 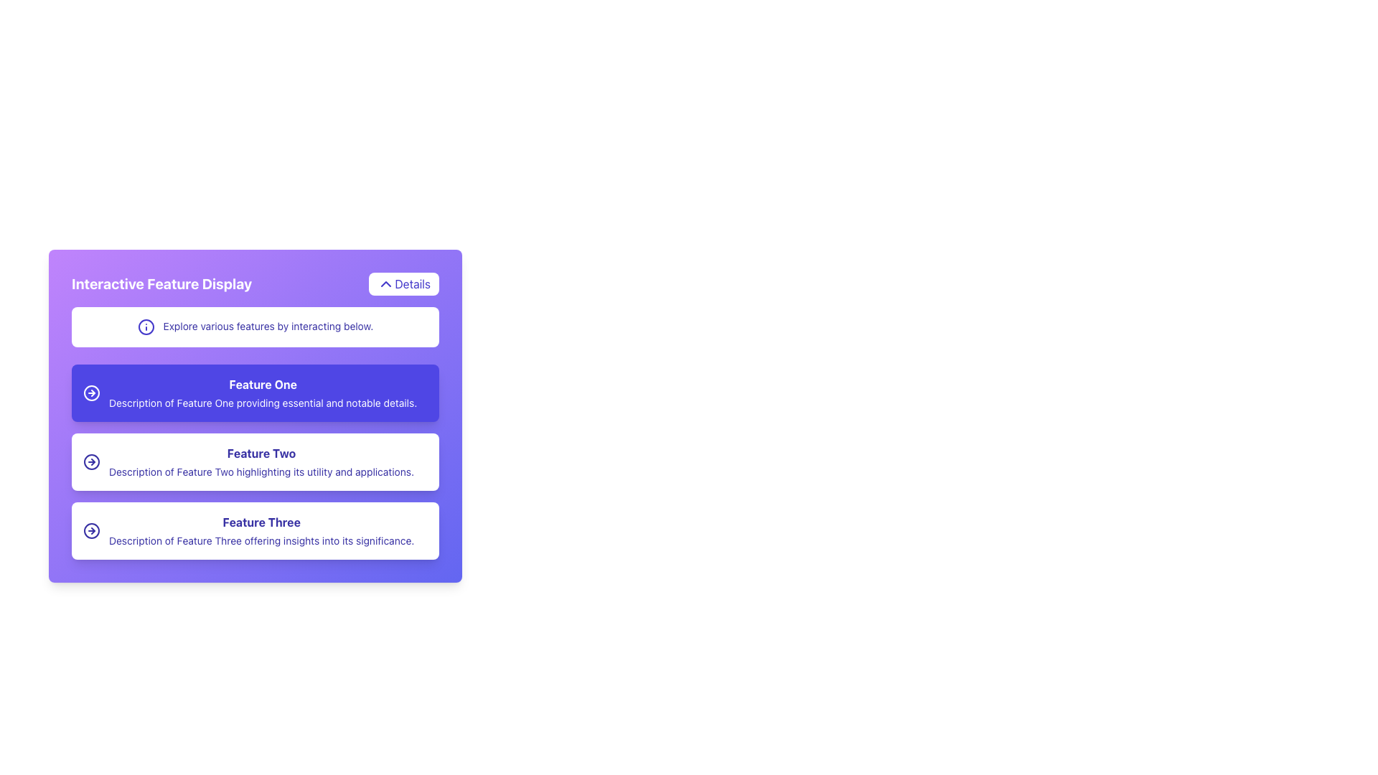 I want to click on the SVG Circle that visually emphasizes the 'Feature One' section, which is part of a button aligned to the left of the 'Feature One' text, so click(x=91, y=393).